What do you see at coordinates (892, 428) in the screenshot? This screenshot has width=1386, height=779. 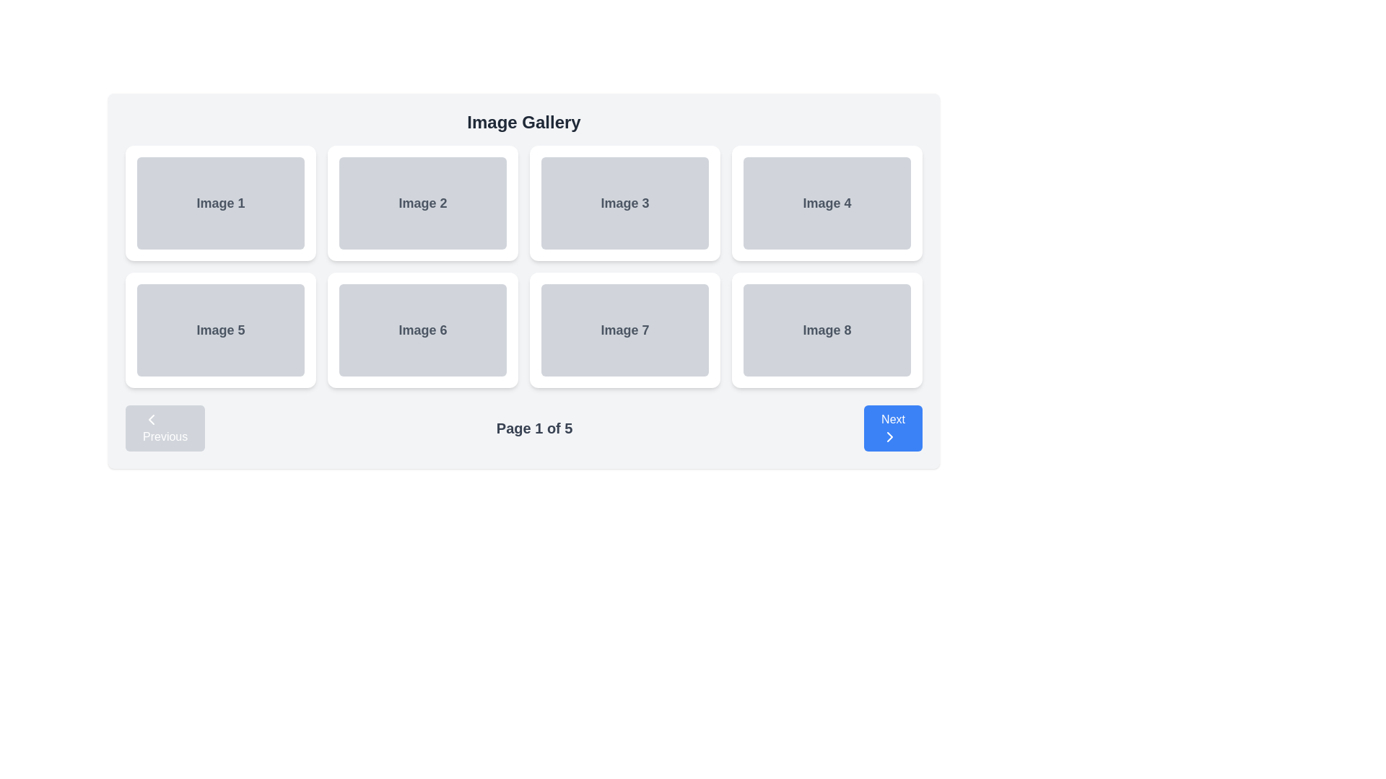 I see `the blue 'Next' button with white text and a right-pointing arrow icon` at bounding box center [892, 428].